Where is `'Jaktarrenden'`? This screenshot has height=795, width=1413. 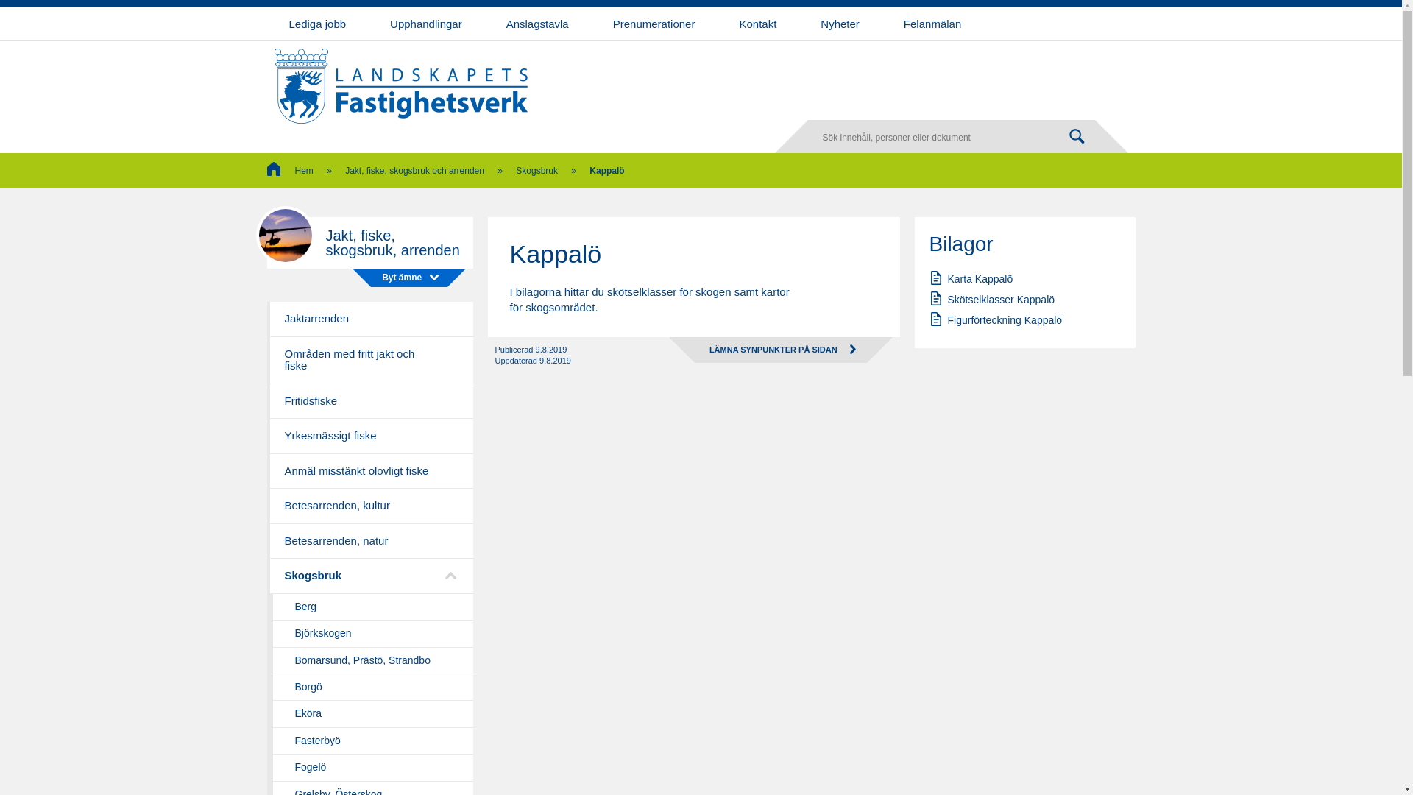 'Jaktarrenden' is located at coordinates (369, 319).